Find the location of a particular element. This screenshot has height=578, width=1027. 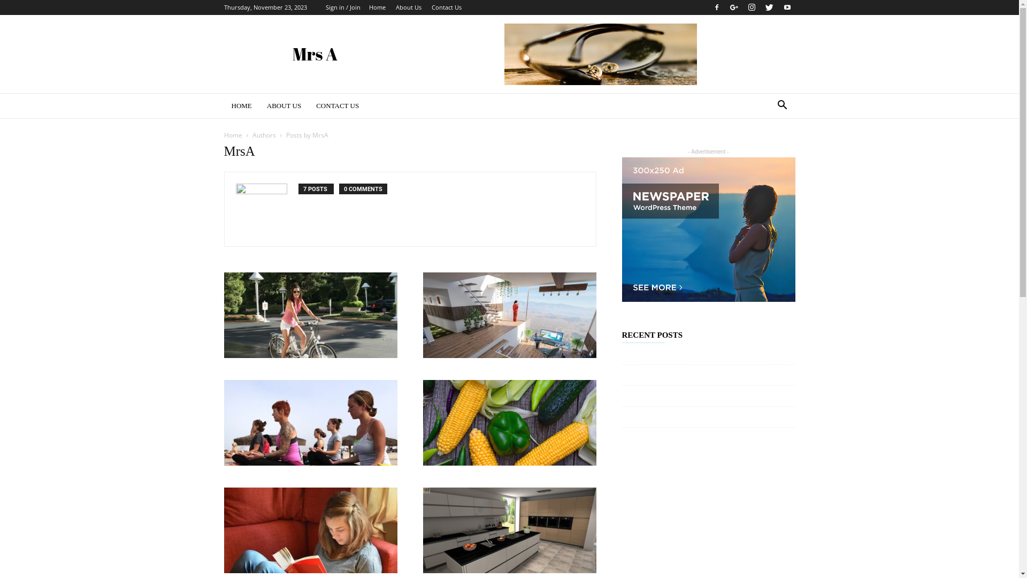

'CONTACT US' is located at coordinates (336, 105).